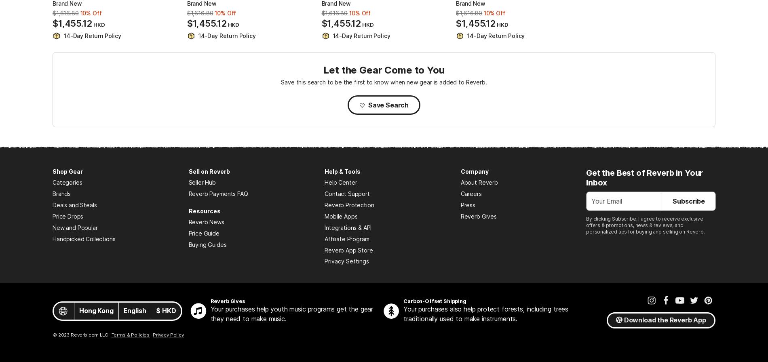 The width and height of the screenshot is (768, 362). I want to click on 'Subscribe', so click(672, 201).